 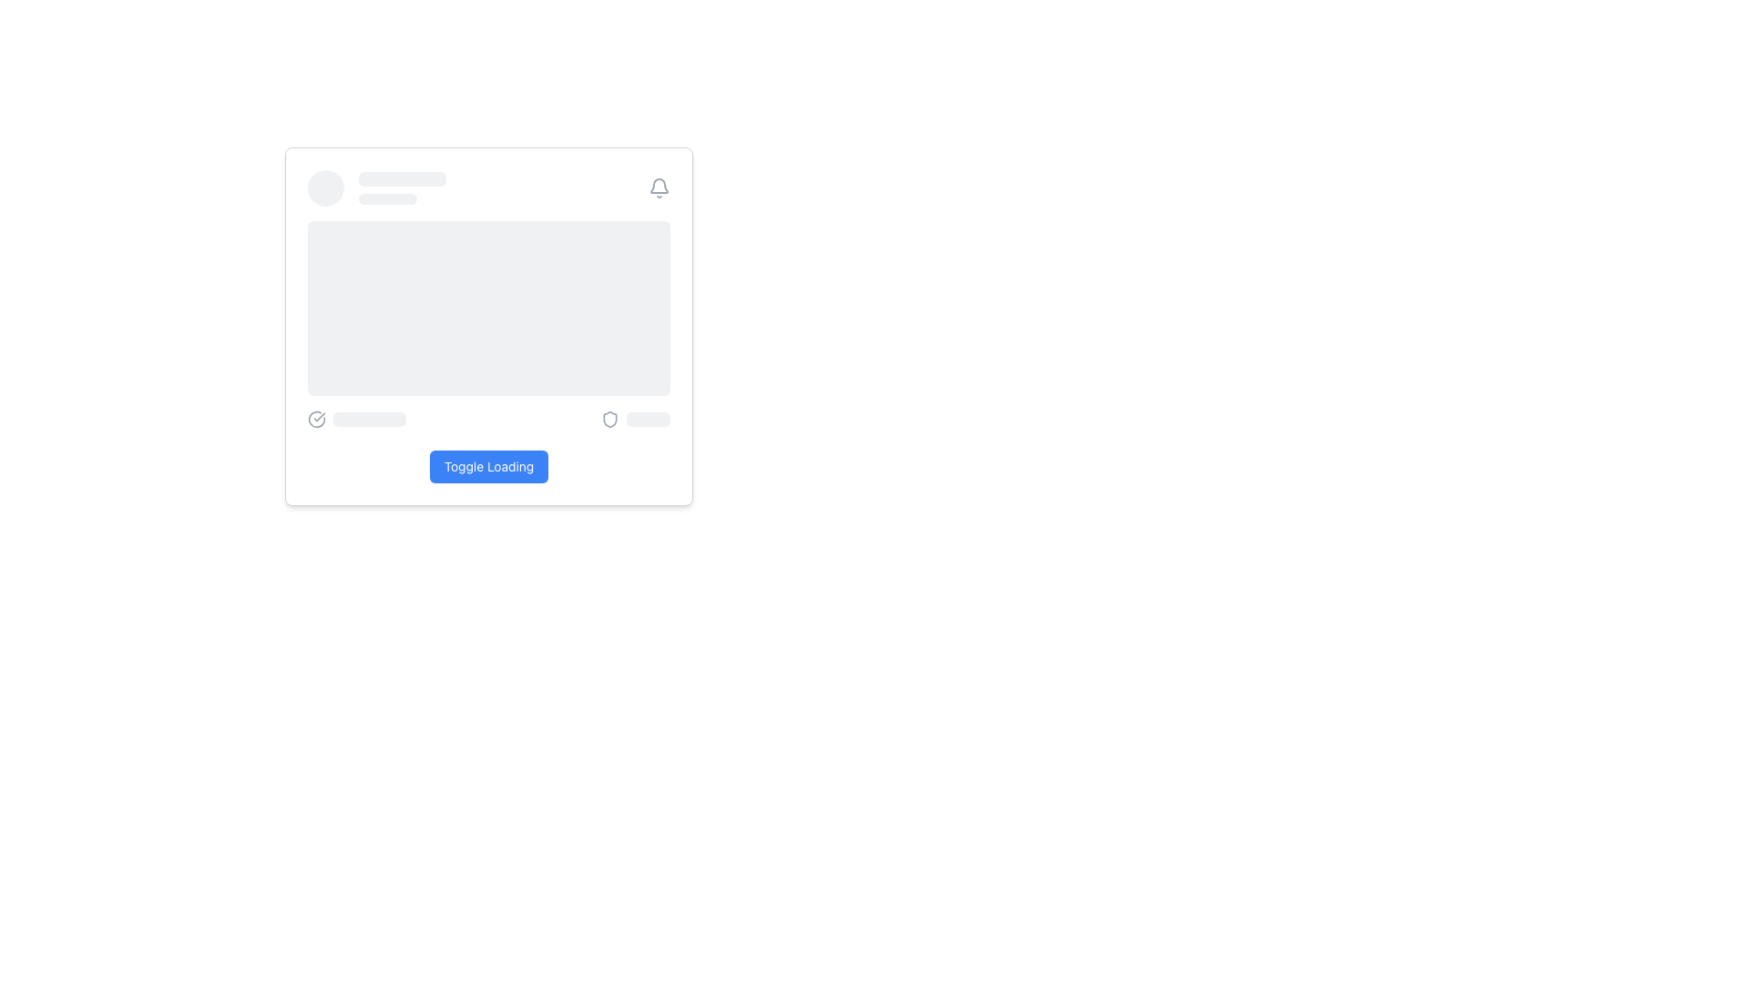 What do you see at coordinates (659, 188) in the screenshot?
I see `the outlined bell icon located in the top right corner of the header section` at bounding box center [659, 188].